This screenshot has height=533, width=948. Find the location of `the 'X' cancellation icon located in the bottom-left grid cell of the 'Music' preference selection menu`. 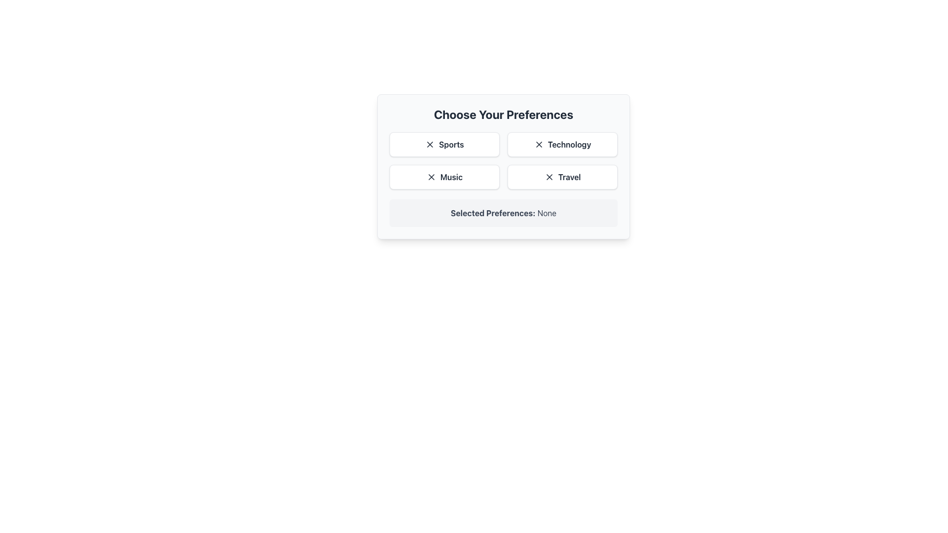

the 'X' cancellation icon located in the bottom-left grid cell of the 'Music' preference selection menu is located at coordinates (431, 176).